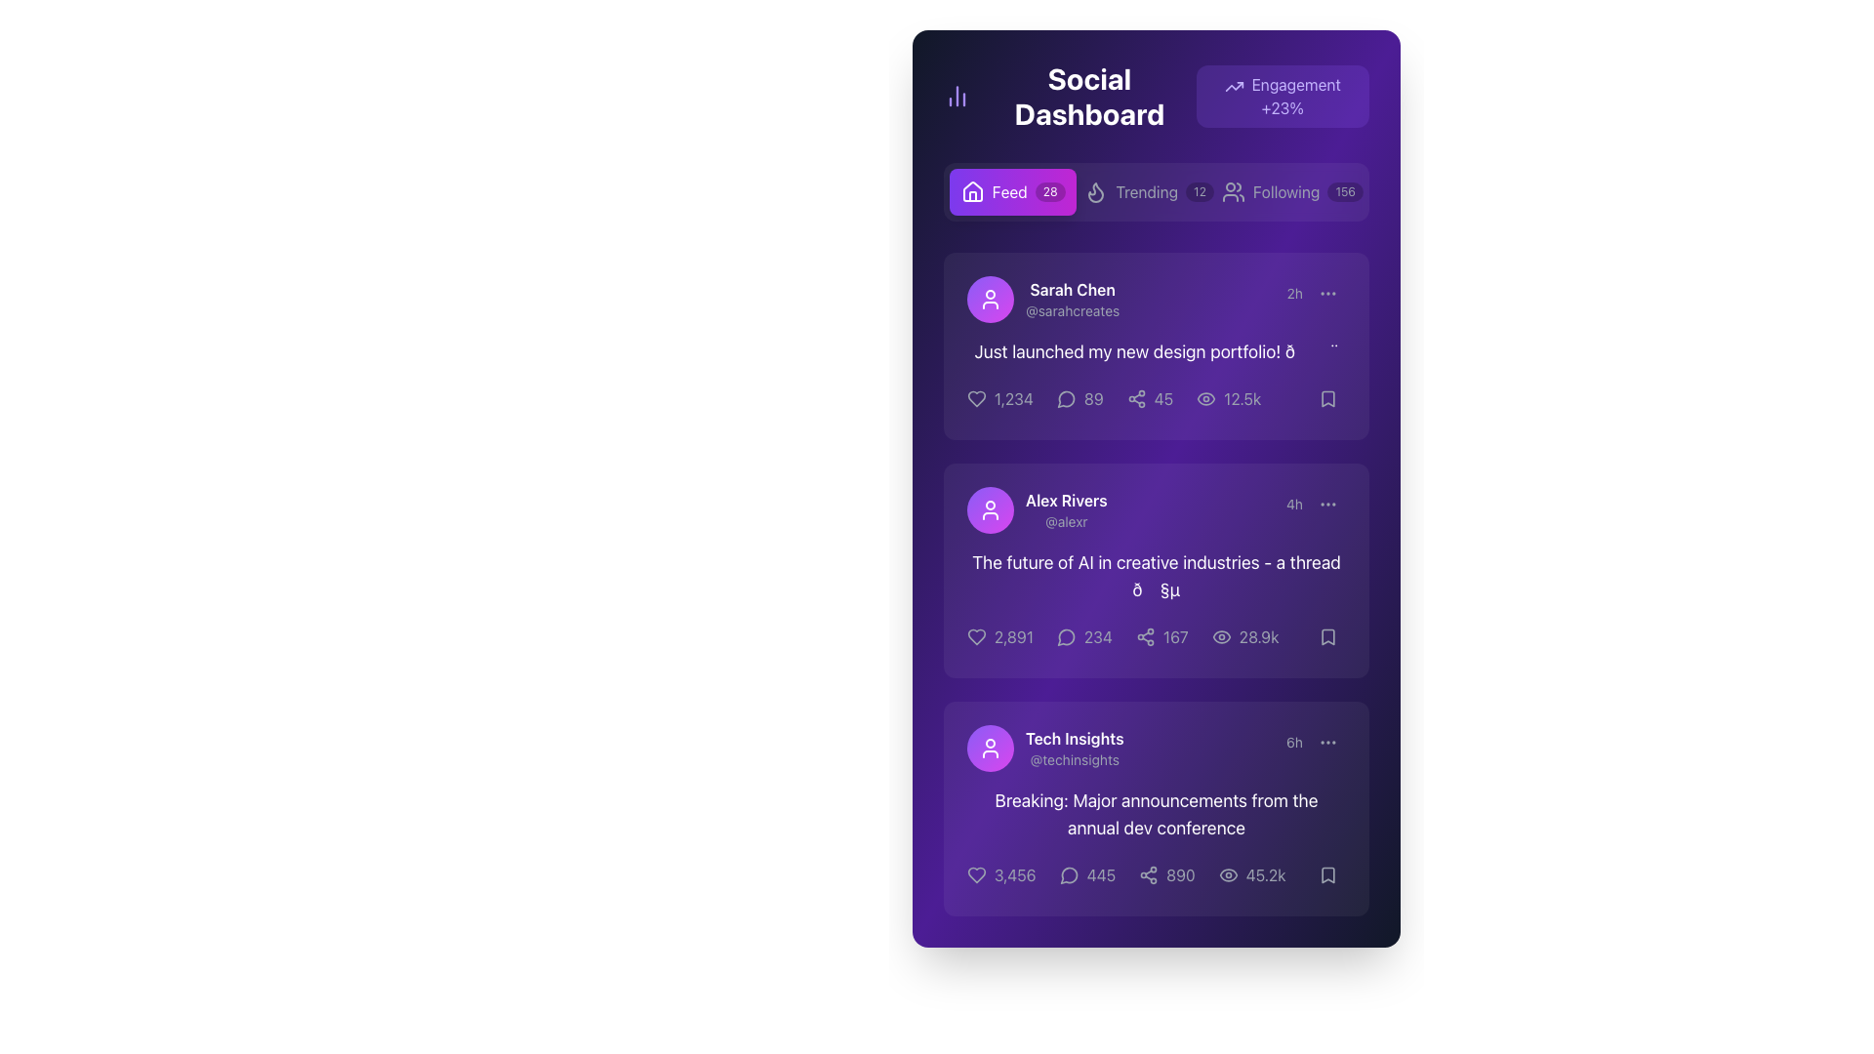  Describe the element at coordinates (1283, 97) in the screenshot. I see `the informational pill-shaped button displaying a positive engagement change of 23%, located to the right of the 'Social Dashboard' title` at that location.